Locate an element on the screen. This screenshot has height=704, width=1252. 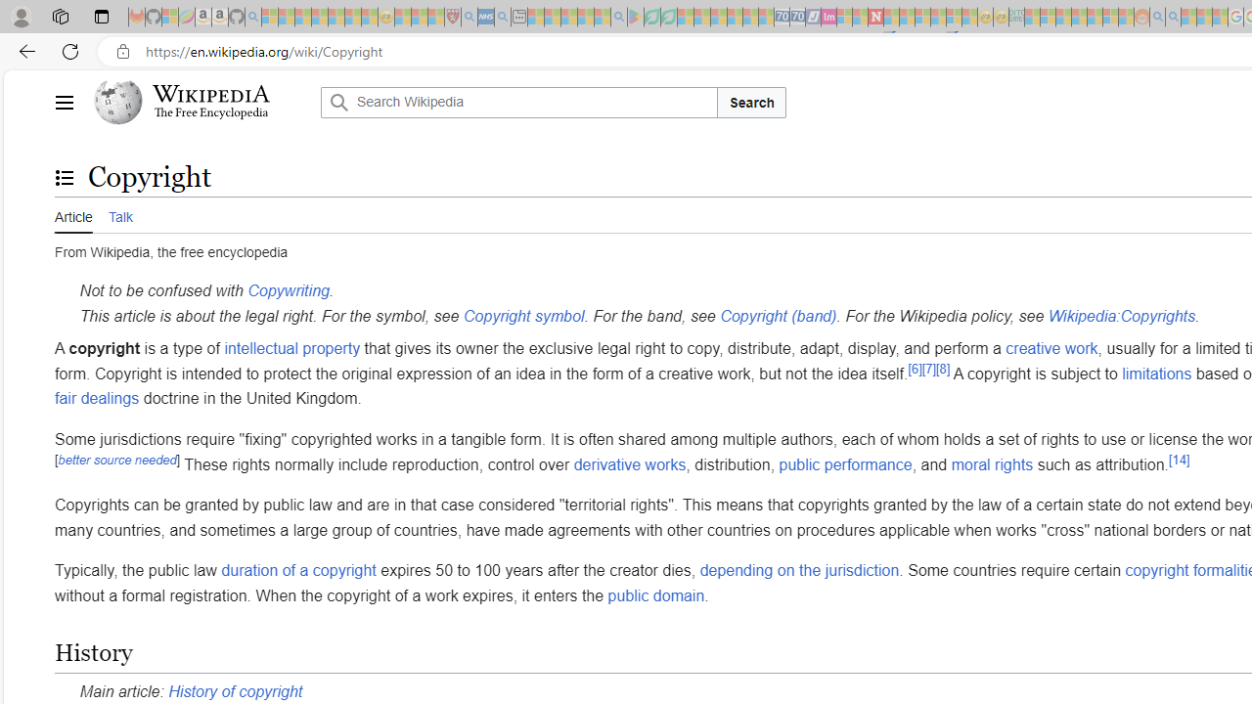
'New Report Confirms 2023 Was Record Hot | Watch - Sleeping' is located at coordinates (335, 17).